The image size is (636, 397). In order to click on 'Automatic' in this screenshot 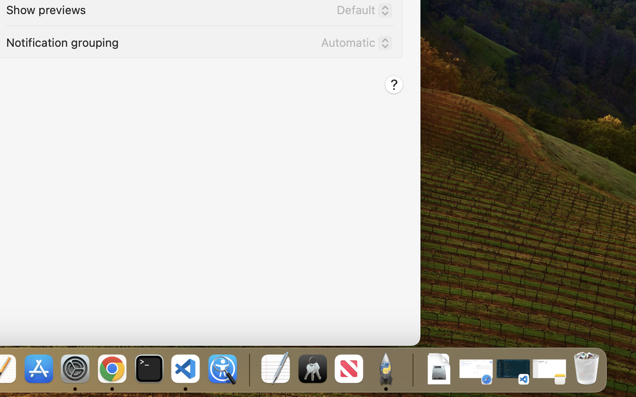, I will do `click(353, 44)`.